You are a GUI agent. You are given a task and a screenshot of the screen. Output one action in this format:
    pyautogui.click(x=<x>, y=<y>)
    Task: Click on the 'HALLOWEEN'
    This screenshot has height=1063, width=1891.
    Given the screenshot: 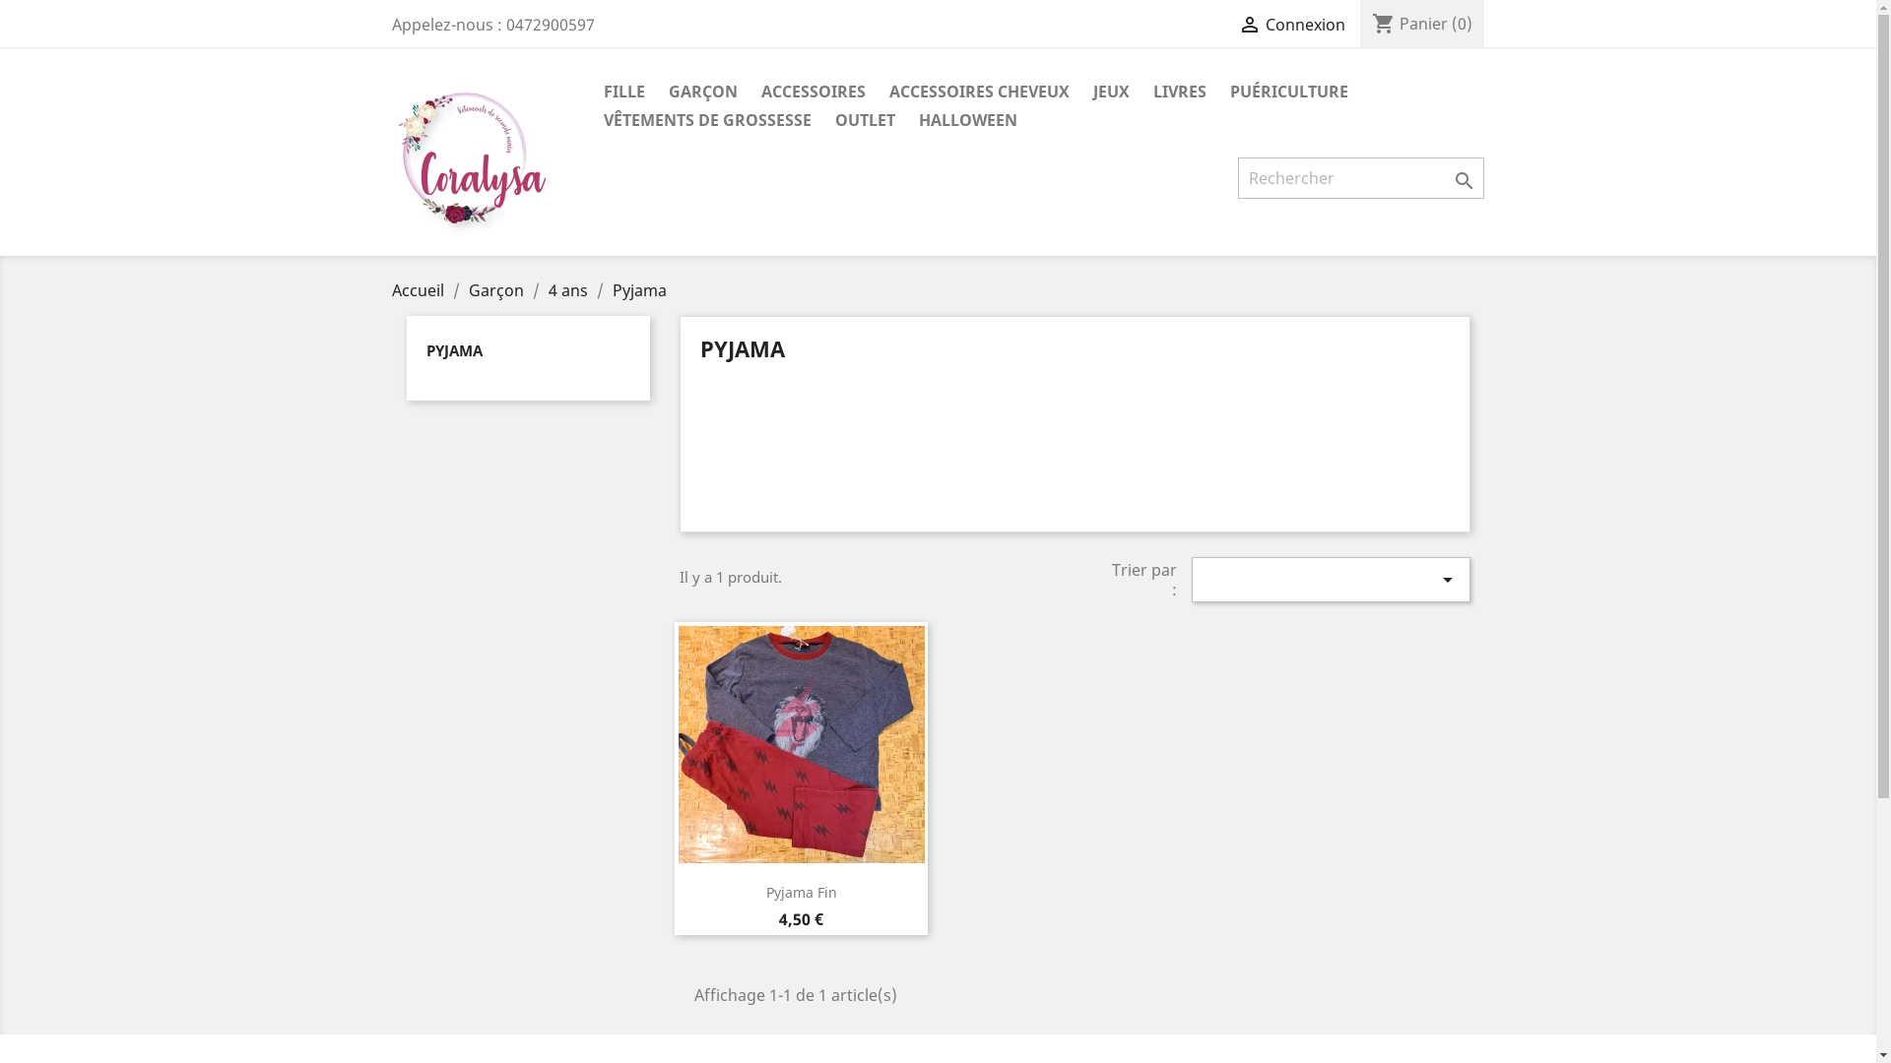 What is the action you would take?
    pyautogui.click(x=967, y=121)
    